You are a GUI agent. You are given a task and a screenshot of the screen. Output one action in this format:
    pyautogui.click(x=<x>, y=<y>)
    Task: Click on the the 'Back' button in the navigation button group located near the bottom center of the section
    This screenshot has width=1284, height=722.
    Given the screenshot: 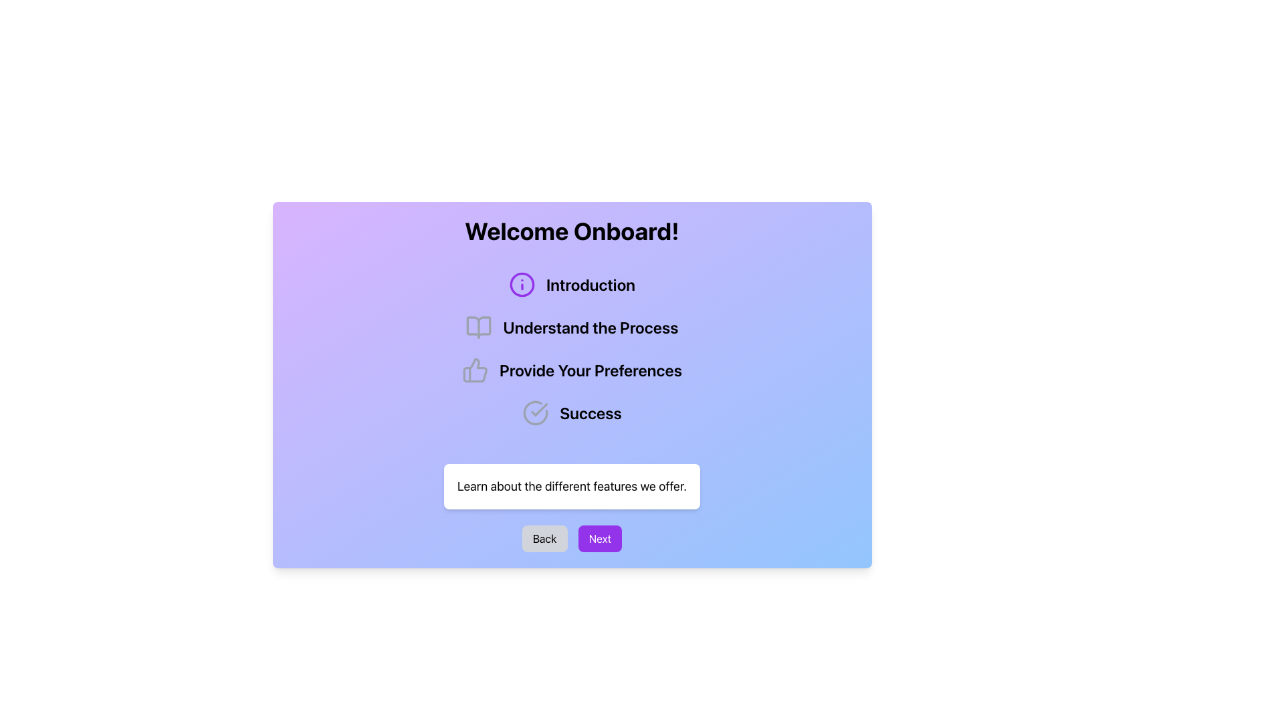 What is the action you would take?
    pyautogui.click(x=572, y=538)
    